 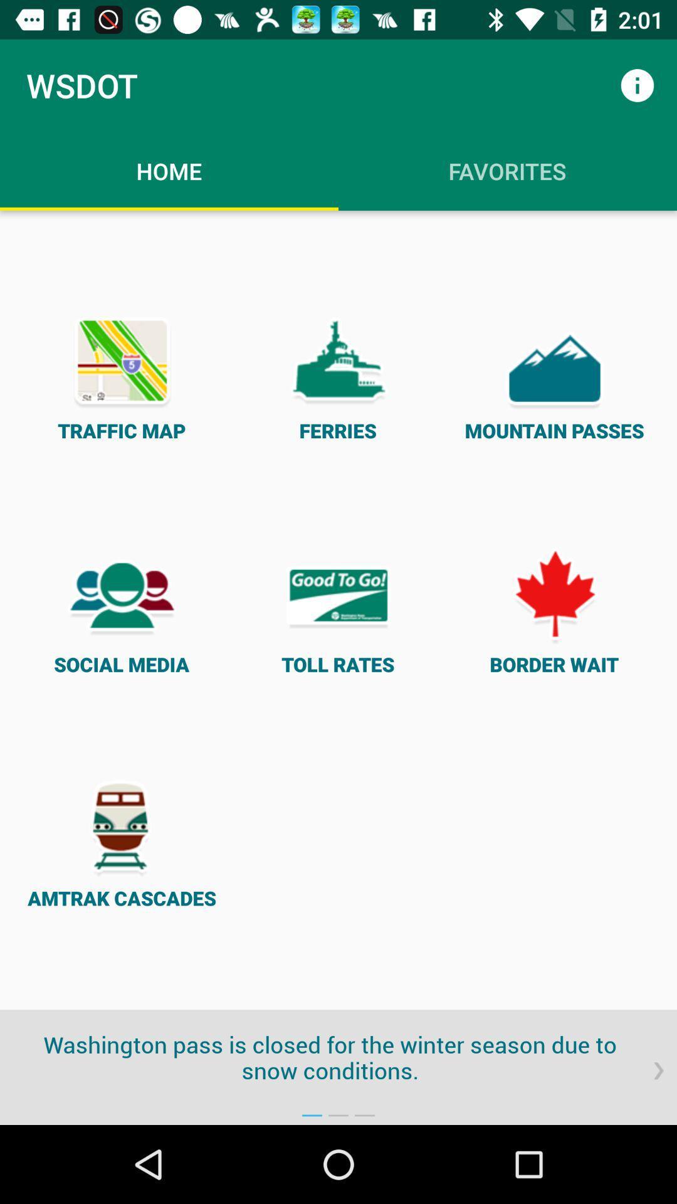 I want to click on item above the mountain passes item, so click(x=638, y=85).